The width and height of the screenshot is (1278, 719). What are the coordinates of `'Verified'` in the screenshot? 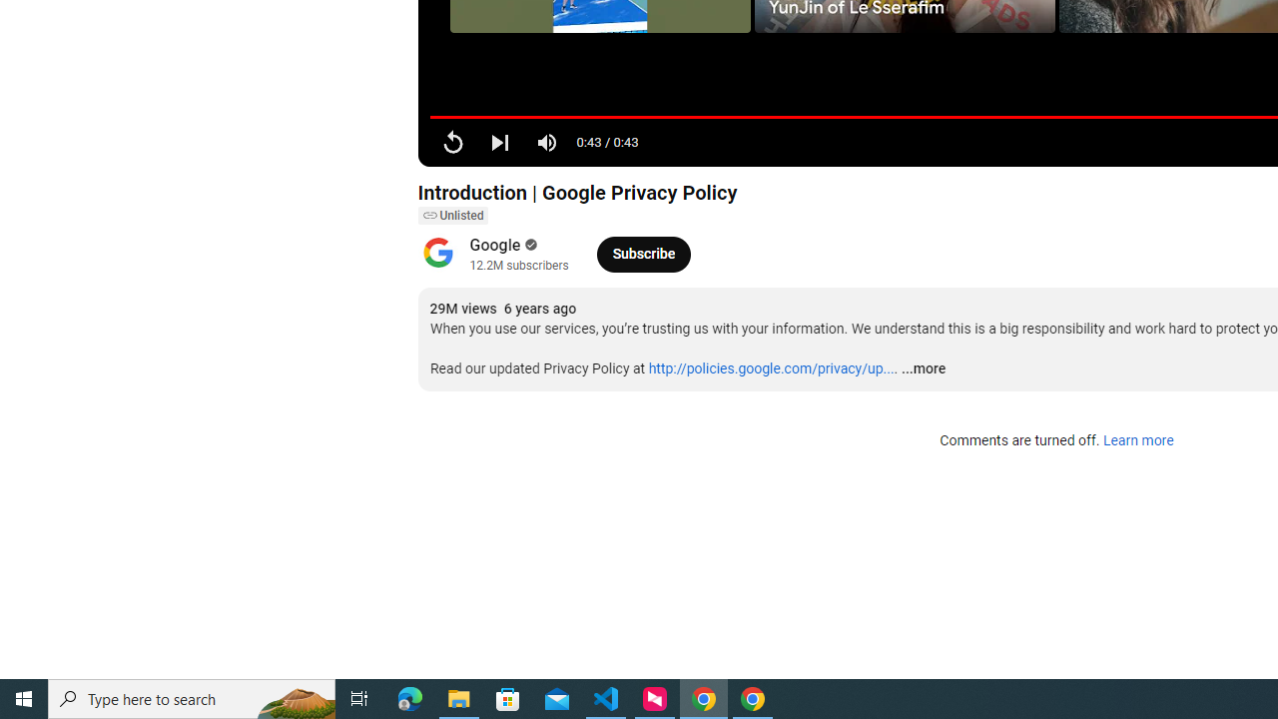 It's located at (529, 244).